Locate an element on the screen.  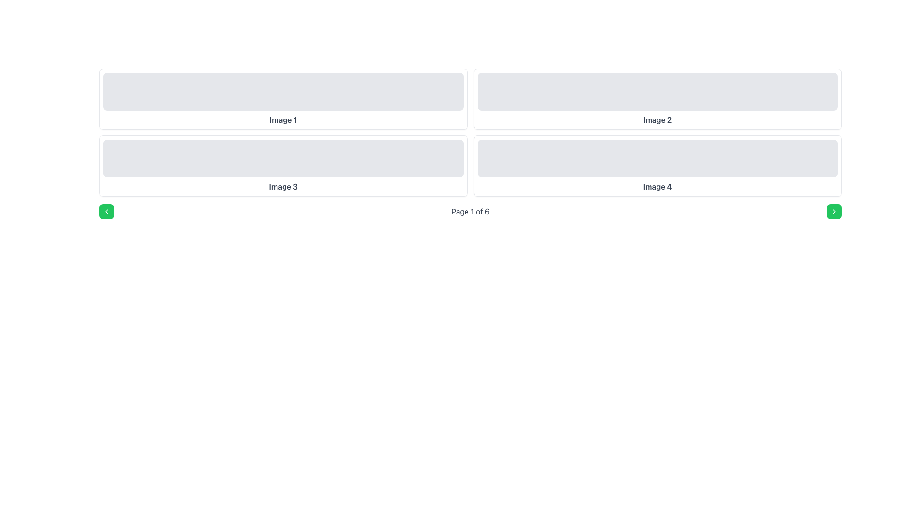
the backward navigation button located at the far left side of the footer, adjacent to the text 'Page 1 of 6' is located at coordinates (106, 212).